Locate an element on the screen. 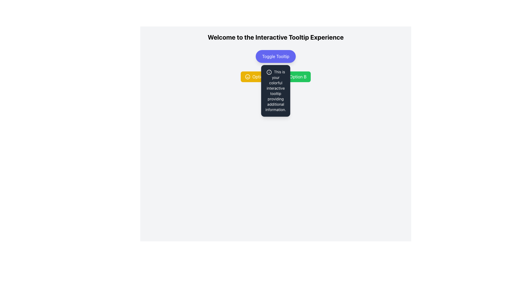  the yellow rectangular button labeled 'Option A' with a smiling face icon on its left side is located at coordinates (257, 77).